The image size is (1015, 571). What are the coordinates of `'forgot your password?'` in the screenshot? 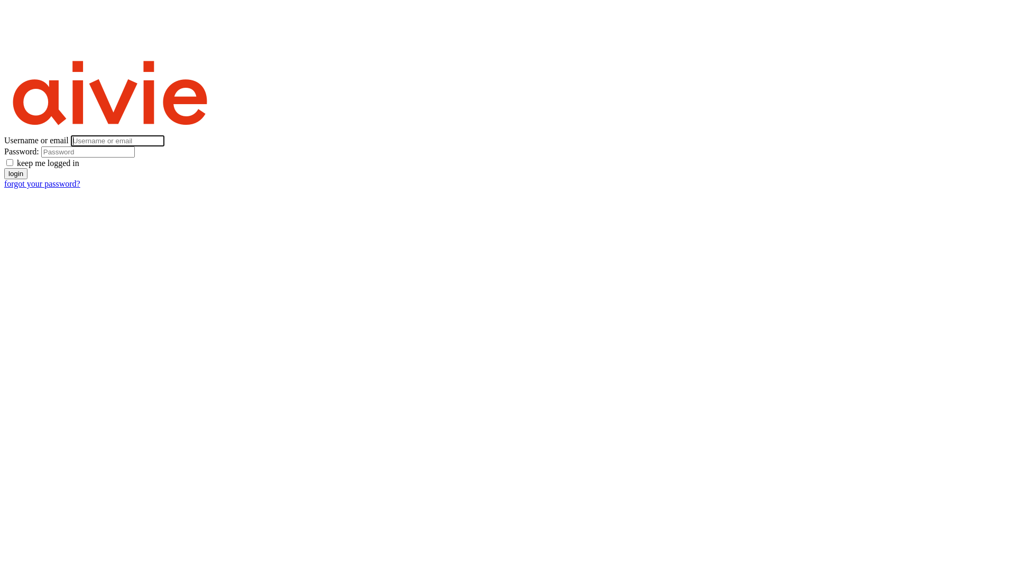 It's located at (42, 183).